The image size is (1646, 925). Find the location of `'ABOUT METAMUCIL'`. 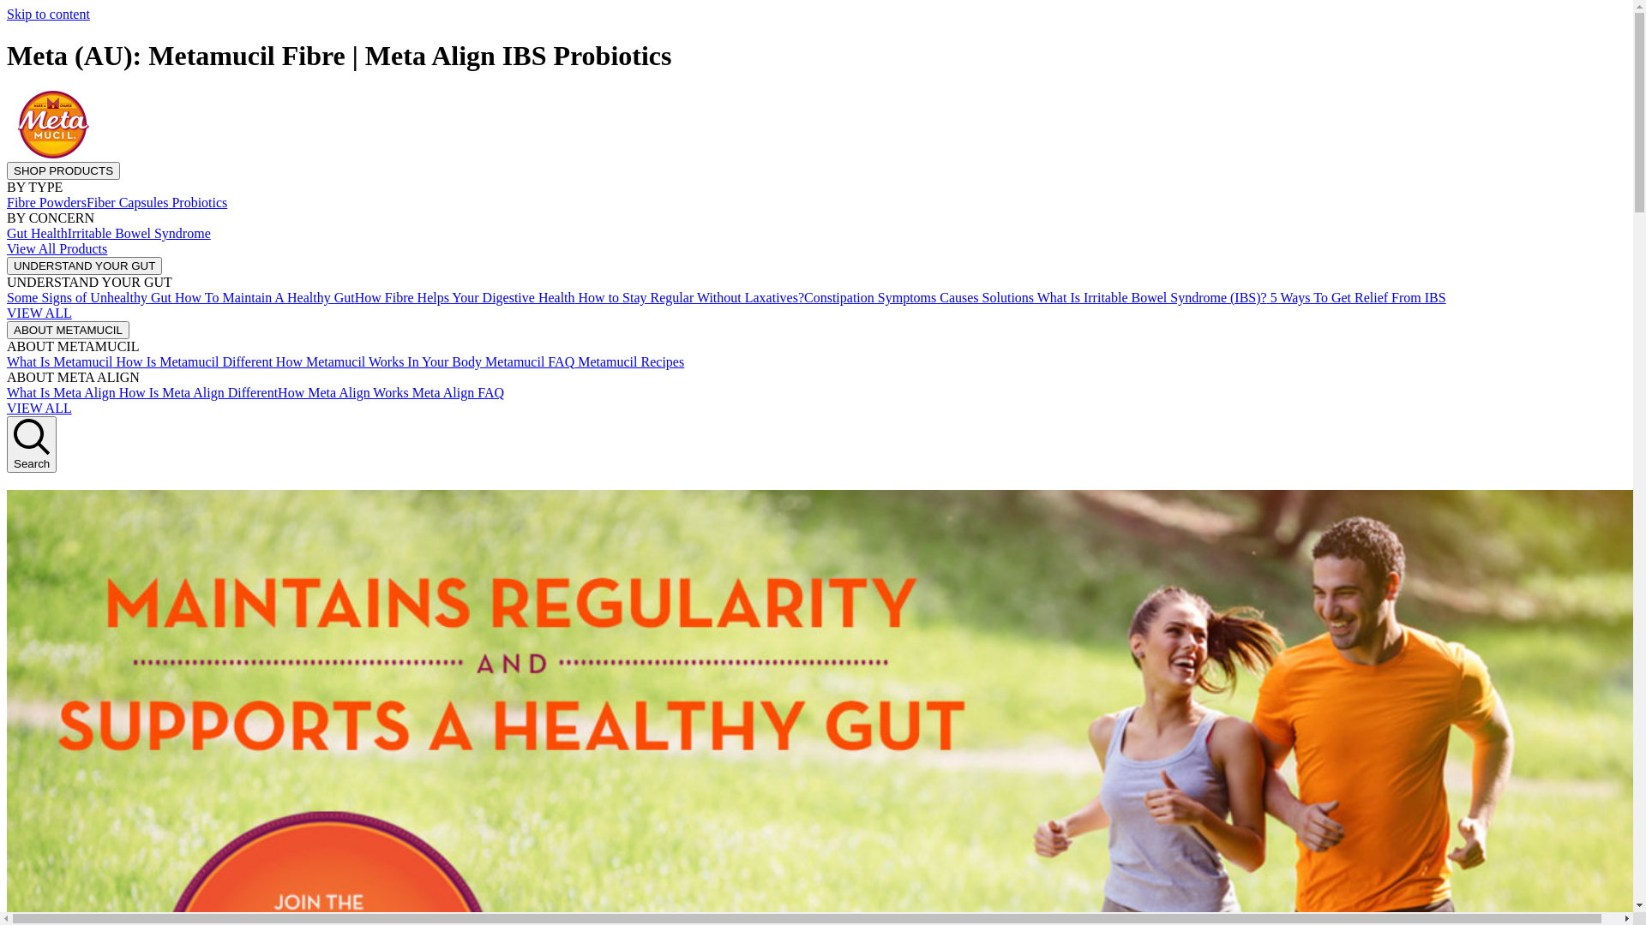

'ABOUT METAMUCIL' is located at coordinates (68, 330).